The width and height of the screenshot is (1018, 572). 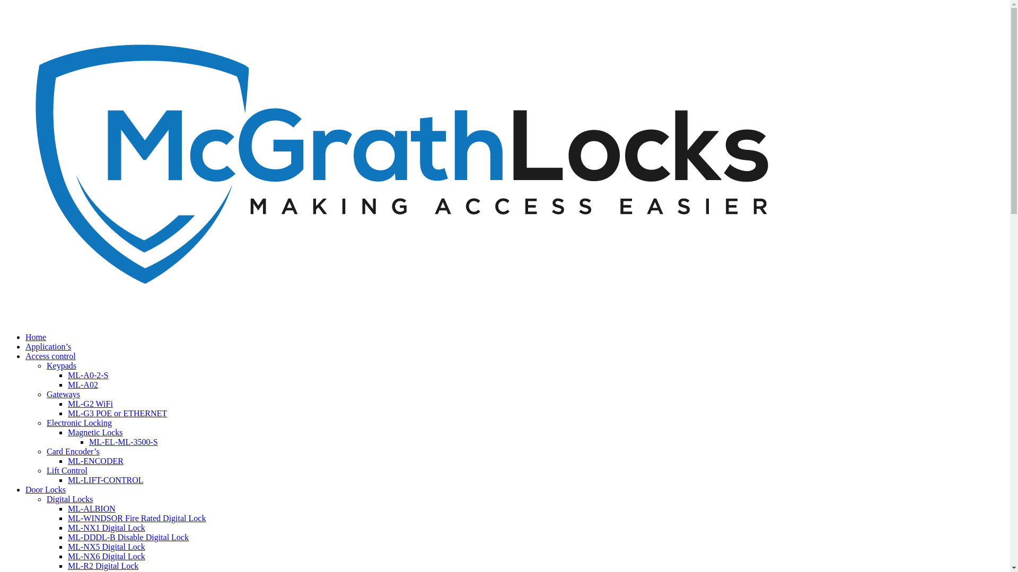 What do you see at coordinates (95, 432) in the screenshot?
I see `'Magnetic Locks'` at bounding box center [95, 432].